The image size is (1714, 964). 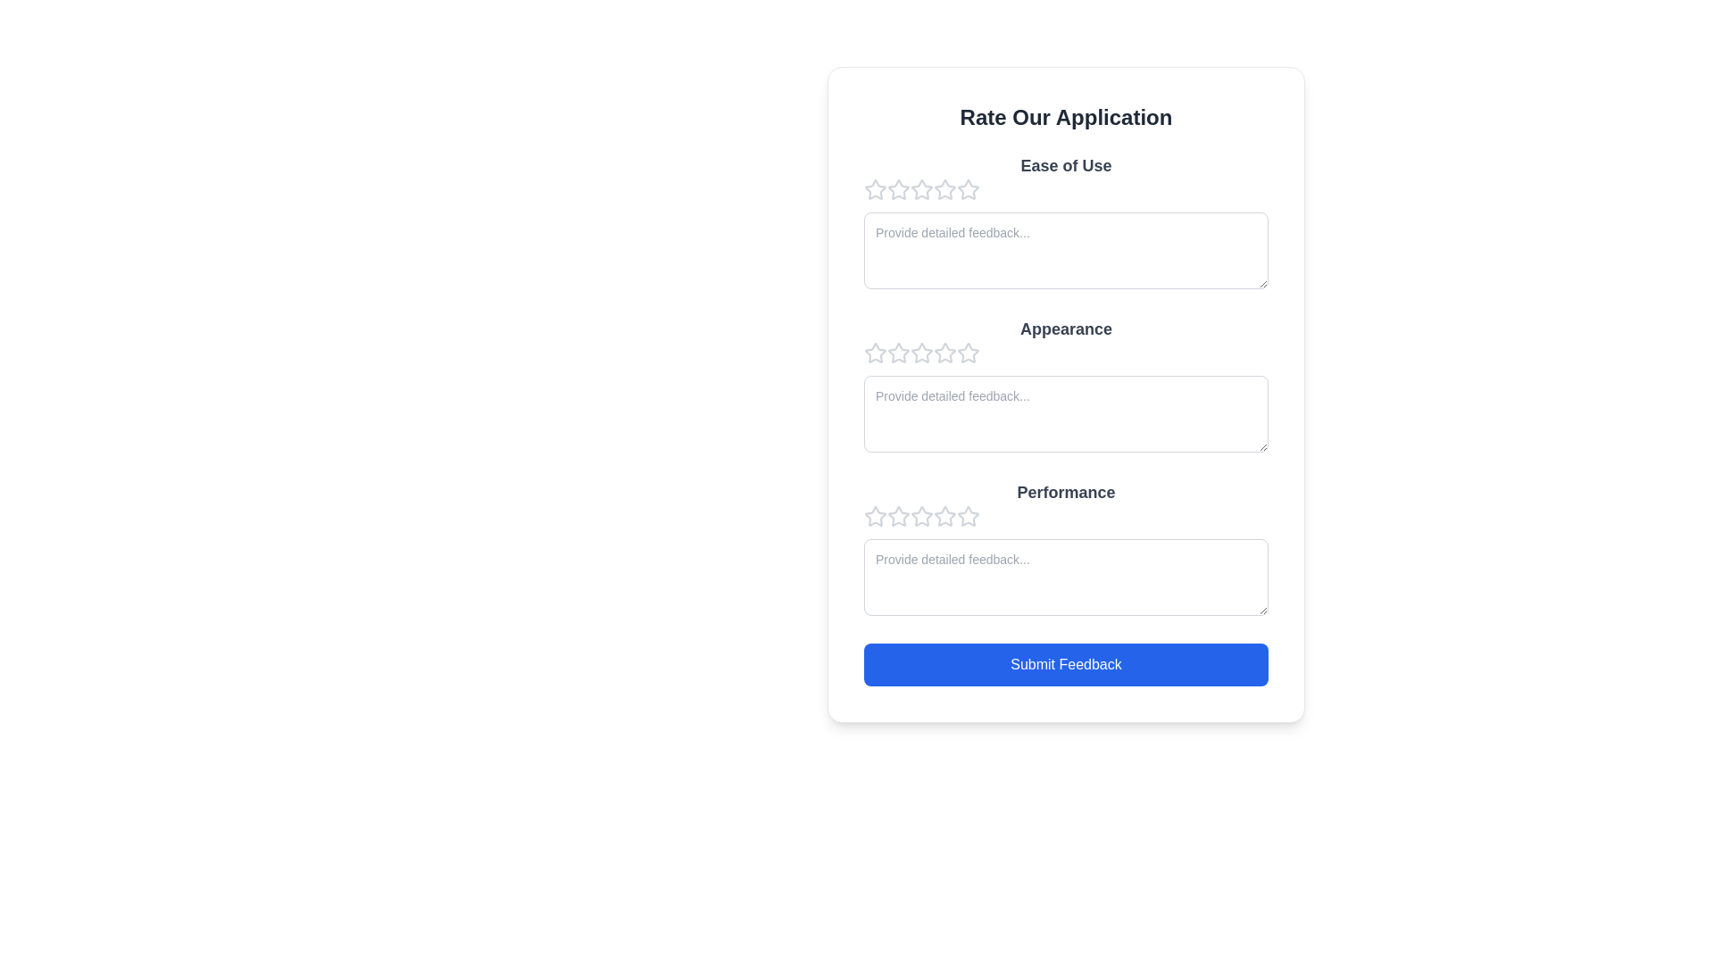 I want to click on the fourth star icon in the rating component, so click(x=967, y=189).